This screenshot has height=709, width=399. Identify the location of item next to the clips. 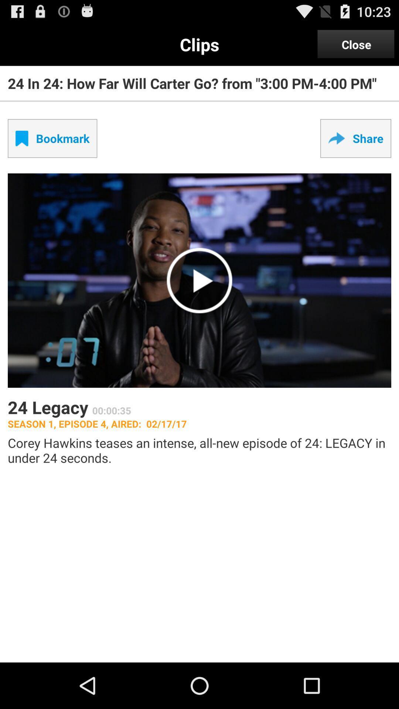
(356, 44).